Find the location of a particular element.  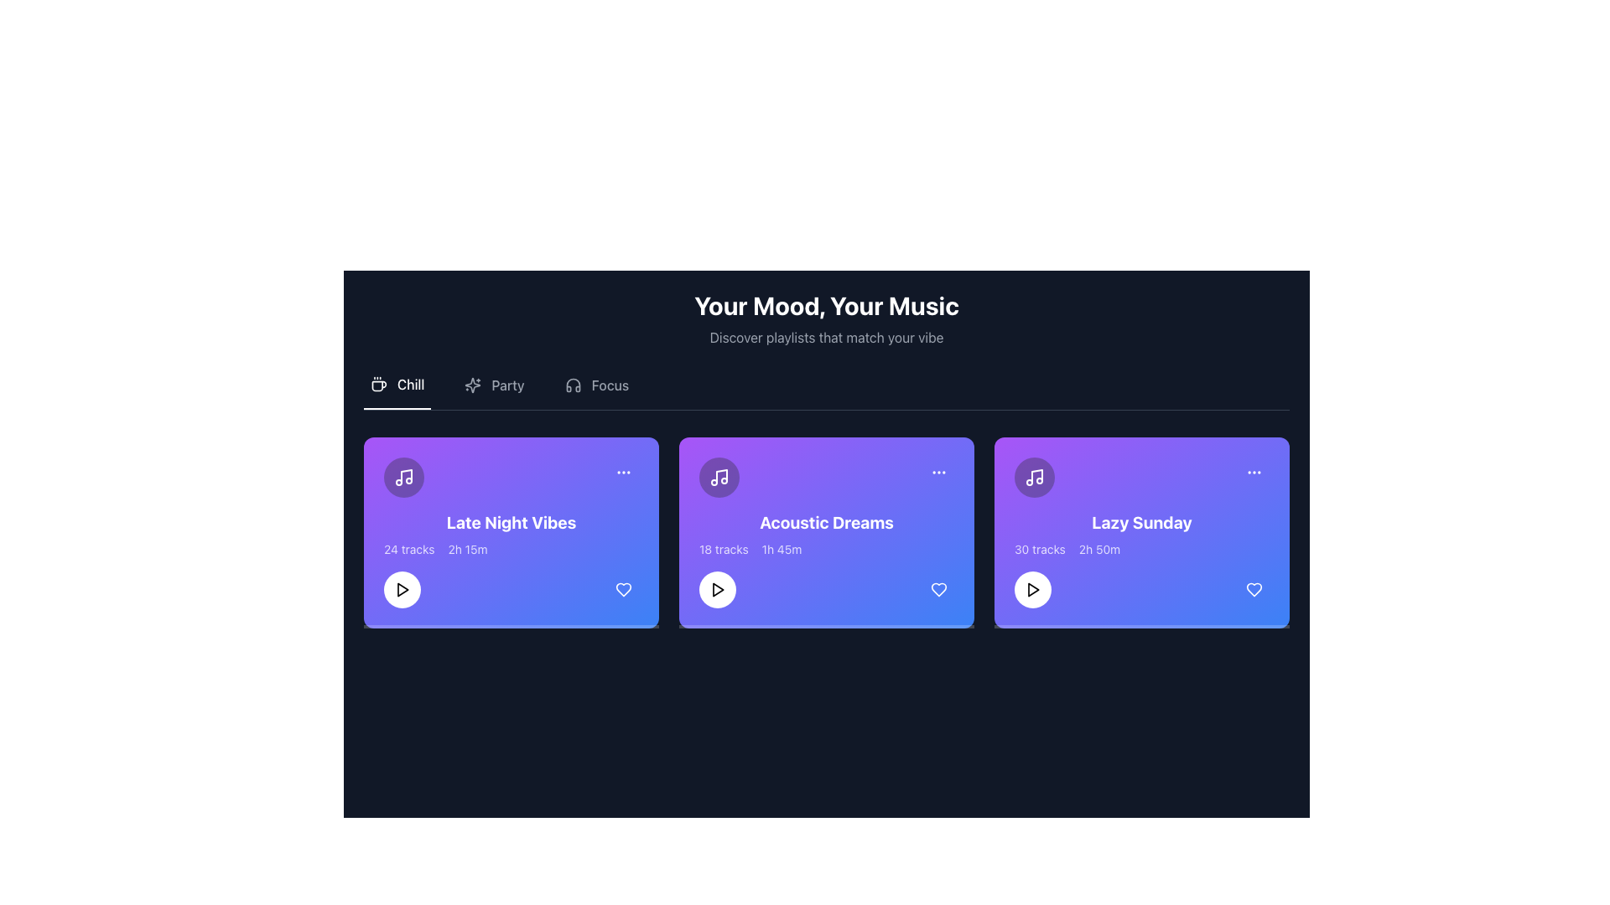

the 'More Options' icon button located at the top-right corner of the 'Acoustic Dreams' playlist card is located at coordinates (937, 472).